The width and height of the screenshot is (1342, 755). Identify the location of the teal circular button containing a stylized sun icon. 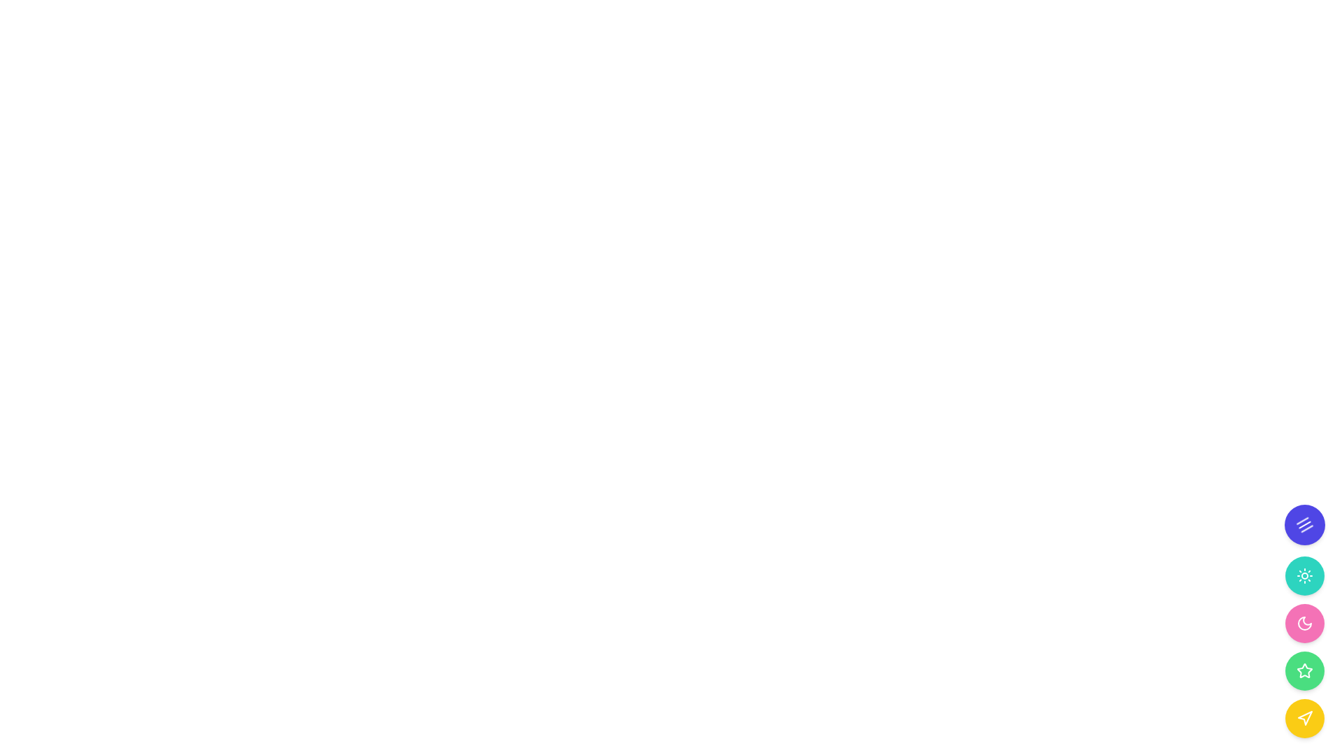
(1304, 576).